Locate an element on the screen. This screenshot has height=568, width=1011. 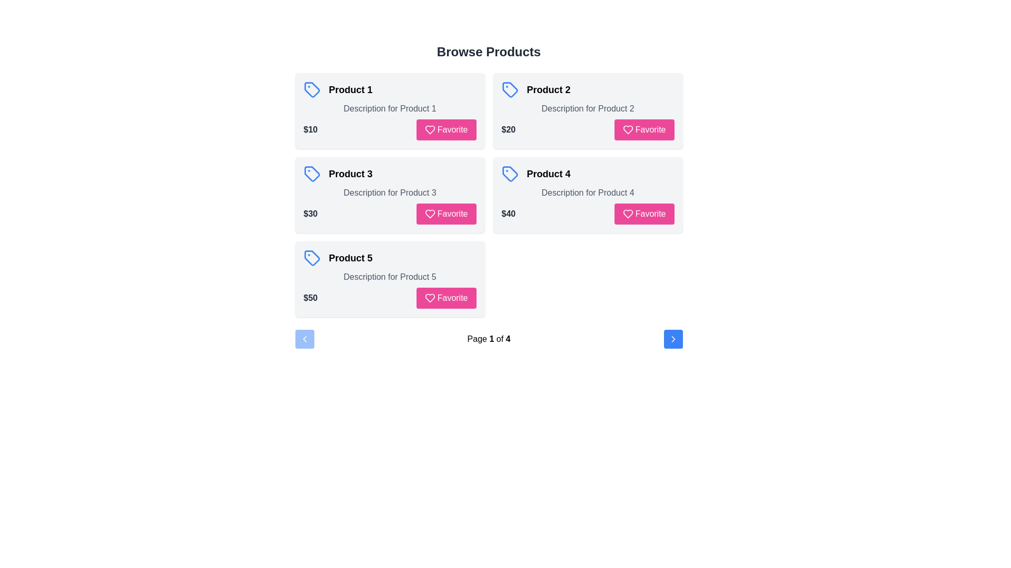
the rounded blue button with a white chevron icon is located at coordinates (672, 339).